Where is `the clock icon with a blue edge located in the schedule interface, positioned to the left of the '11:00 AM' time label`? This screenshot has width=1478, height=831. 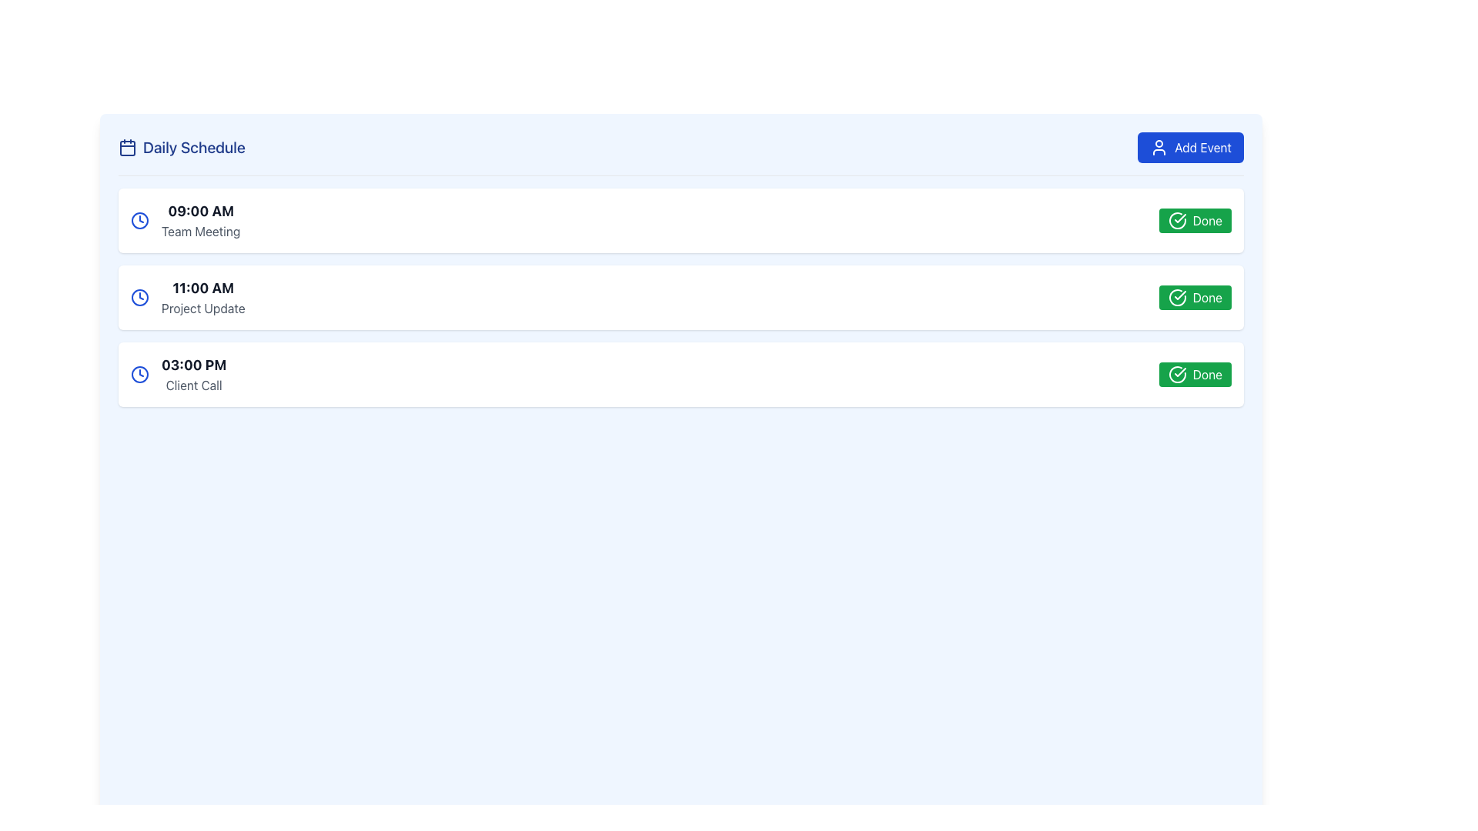
the clock icon with a blue edge located in the schedule interface, positioned to the left of the '11:00 AM' time label is located at coordinates (140, 297).